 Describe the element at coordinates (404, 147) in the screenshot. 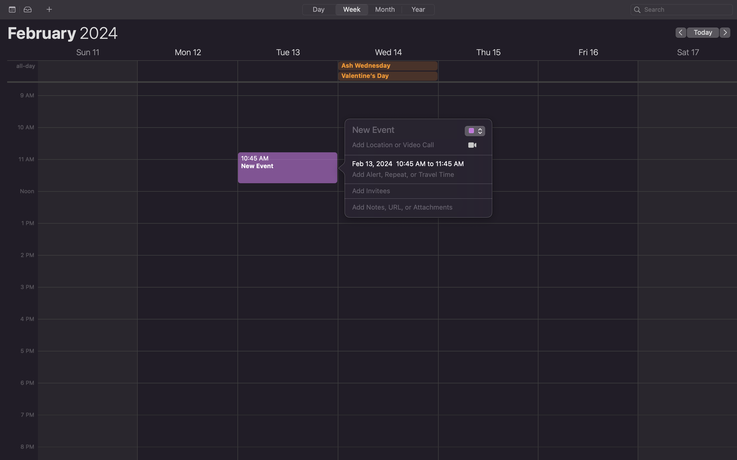

I see `Insert the location "Gates Hillman Center` at that location.